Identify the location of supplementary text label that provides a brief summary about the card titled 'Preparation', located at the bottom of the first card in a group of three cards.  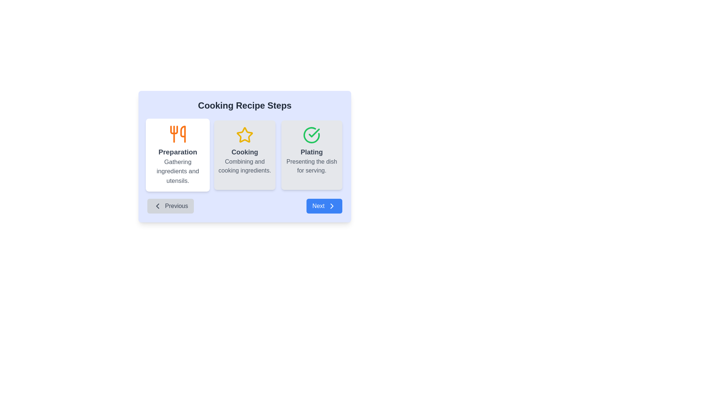
(178, 171).